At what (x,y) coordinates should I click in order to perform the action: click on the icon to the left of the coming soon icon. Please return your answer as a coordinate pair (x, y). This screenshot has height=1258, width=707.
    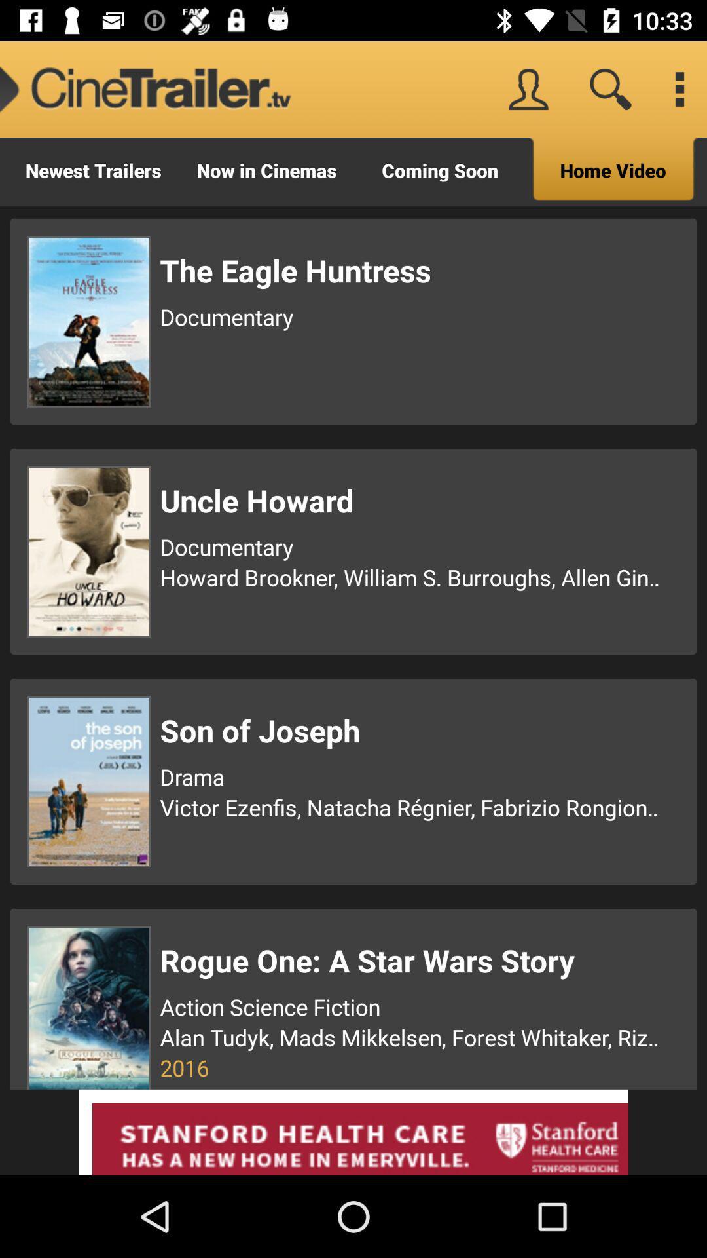
    Looking at the image, I should click on (146, 88).